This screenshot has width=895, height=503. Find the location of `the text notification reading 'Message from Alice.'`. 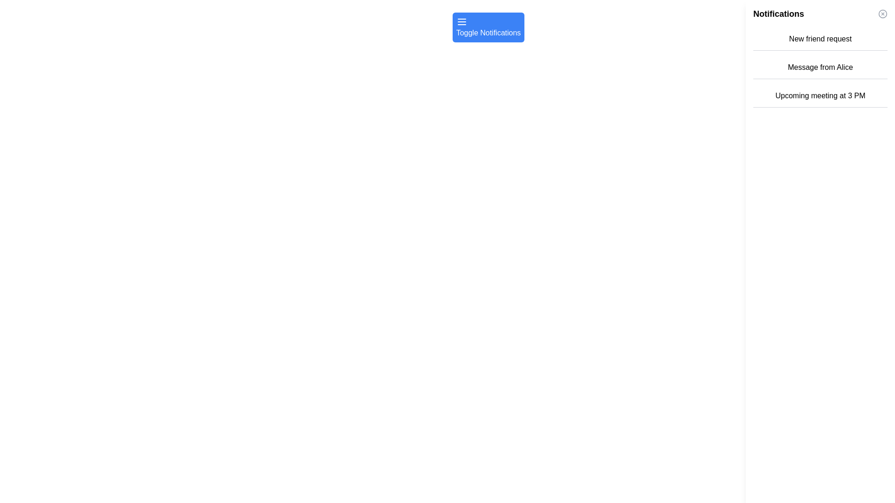

the text notification reading 'Message from Alice.' is located at coordinates (820, 67).